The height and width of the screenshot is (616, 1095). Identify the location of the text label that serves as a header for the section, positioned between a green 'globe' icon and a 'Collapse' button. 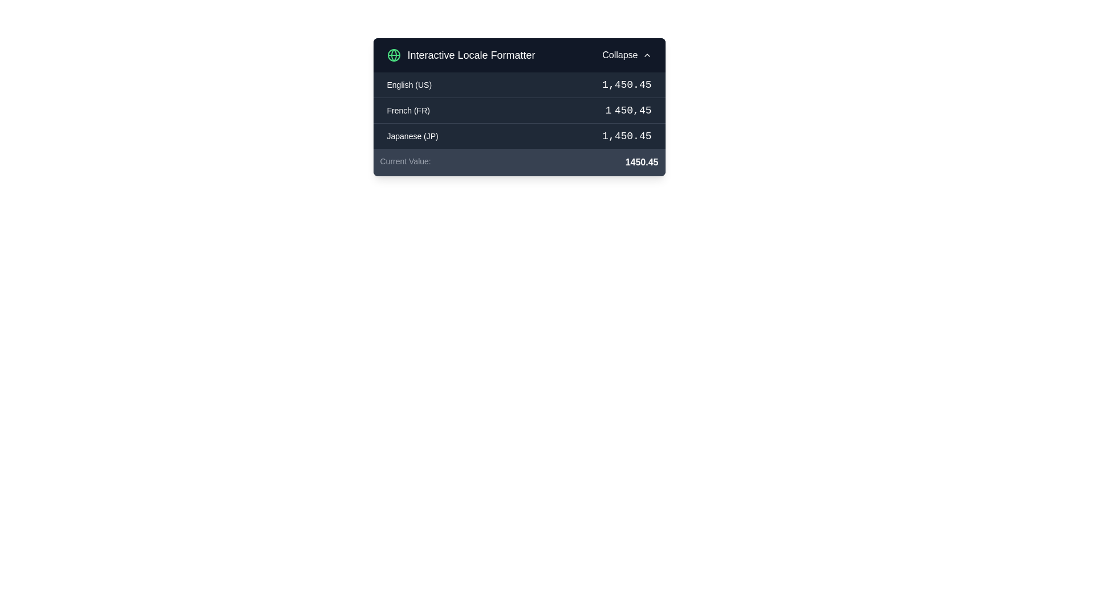
(471, 55).